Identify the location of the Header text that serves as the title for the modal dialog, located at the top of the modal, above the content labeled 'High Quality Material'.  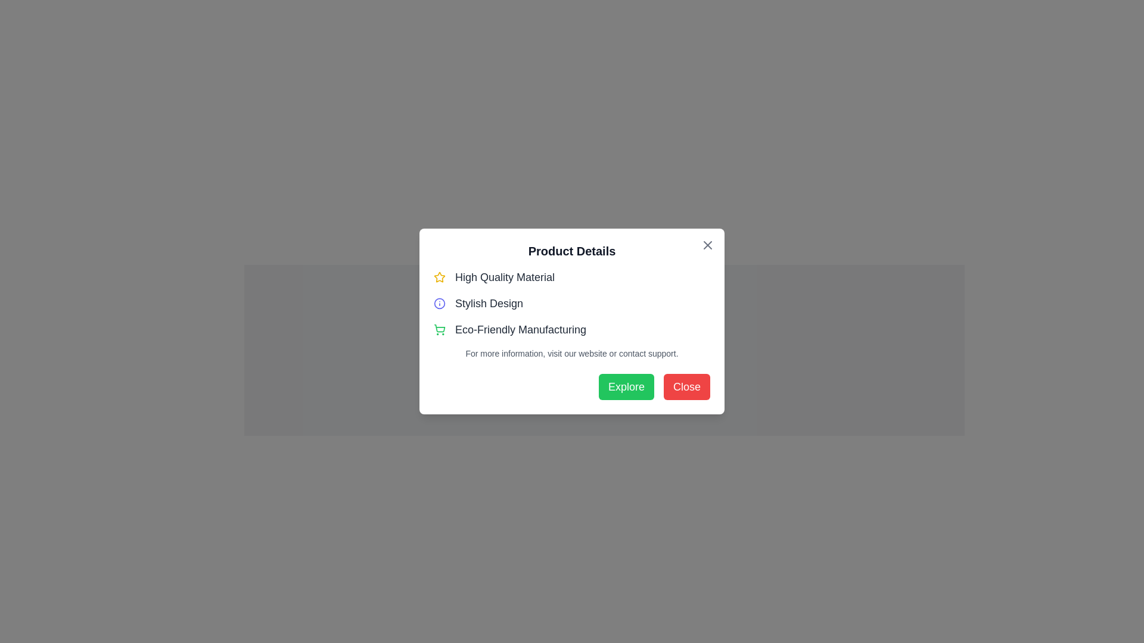
(572, 250).